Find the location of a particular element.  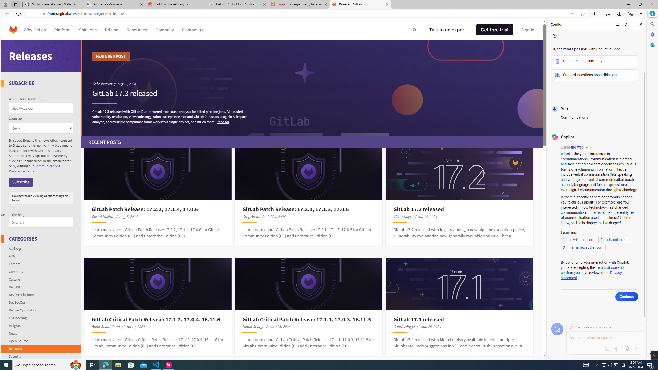

'DevSecOps Platform' is located at coordinates (41, 310).